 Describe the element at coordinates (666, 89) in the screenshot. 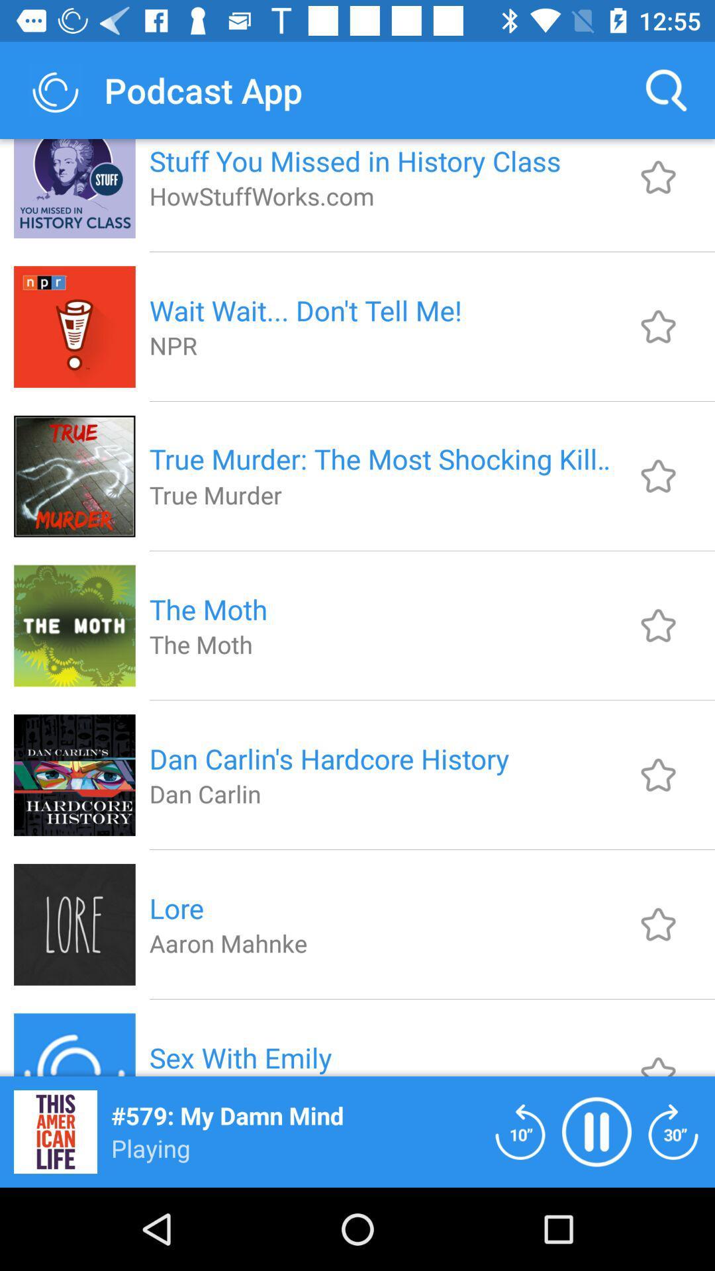

I see `the item next to stuff you missed icon` at that location.